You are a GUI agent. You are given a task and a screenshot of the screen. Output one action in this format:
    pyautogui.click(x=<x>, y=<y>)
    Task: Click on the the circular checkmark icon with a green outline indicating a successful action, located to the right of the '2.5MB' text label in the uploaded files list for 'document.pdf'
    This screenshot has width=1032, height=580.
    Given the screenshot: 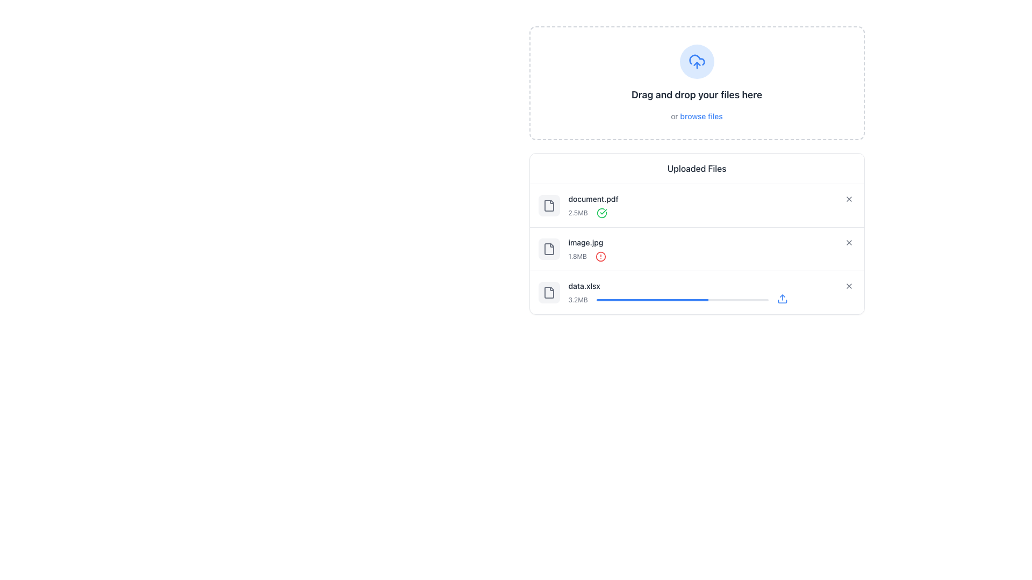 What is the action you would take?
    pyautogui.click(x=601, y=213)
    